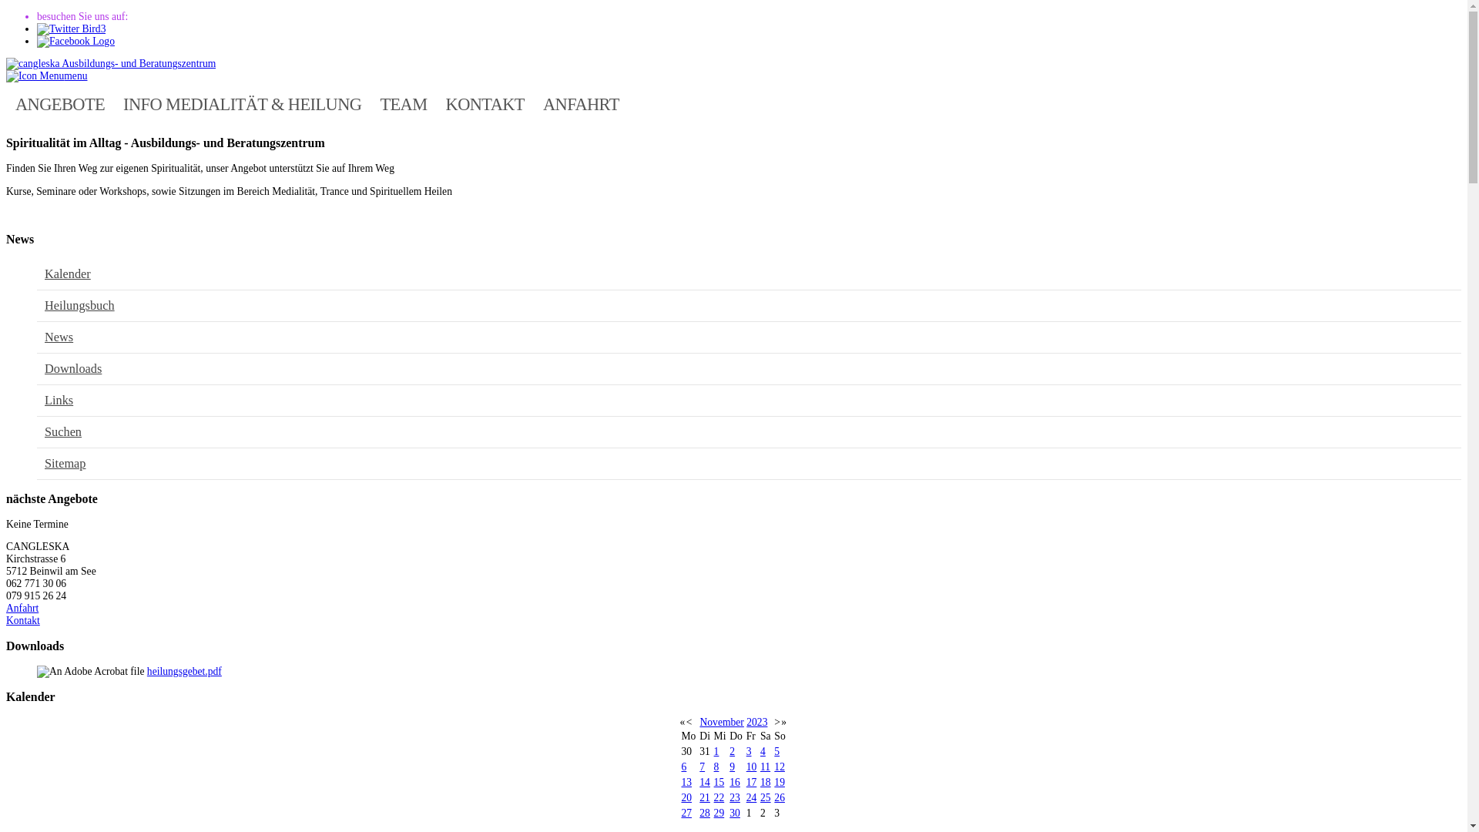 Image resolution: width=1479 pixels, height=832 pixels. What do you see at coordinates (734, 782) in the screenshot?
I see `'16'` at bounding box center [734, 782].